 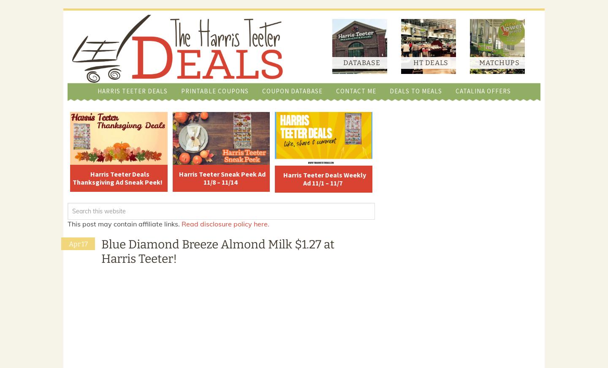 What do you see at coordinates (361, 63) in the screenshot?
I see `'Database'` at bounding box center [361, 63].